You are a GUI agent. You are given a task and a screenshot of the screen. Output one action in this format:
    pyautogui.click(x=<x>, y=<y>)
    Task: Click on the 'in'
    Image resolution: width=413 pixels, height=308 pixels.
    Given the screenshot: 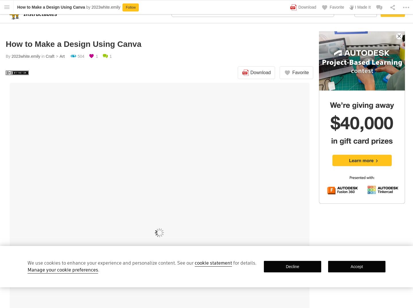 What is the action you would take?
    pyautogui.click(x=42, y=56)
    